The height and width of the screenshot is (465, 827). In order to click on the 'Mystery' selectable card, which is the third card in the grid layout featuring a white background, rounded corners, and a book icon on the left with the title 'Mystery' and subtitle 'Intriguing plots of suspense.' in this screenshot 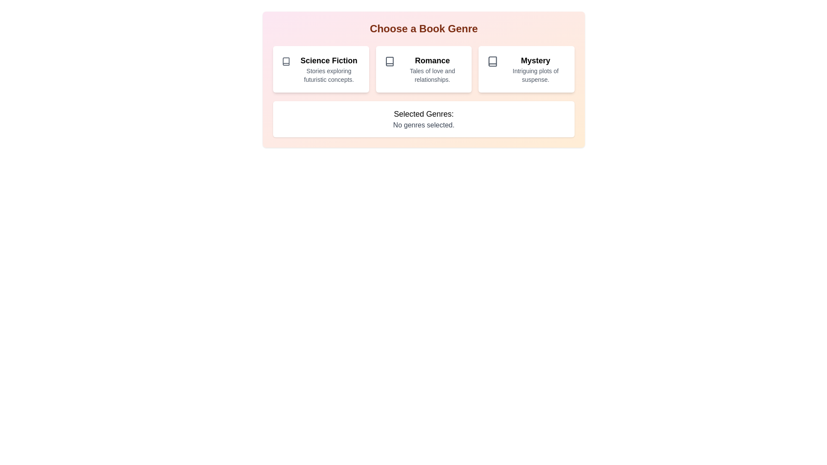, I will do `click(526, 69)`.